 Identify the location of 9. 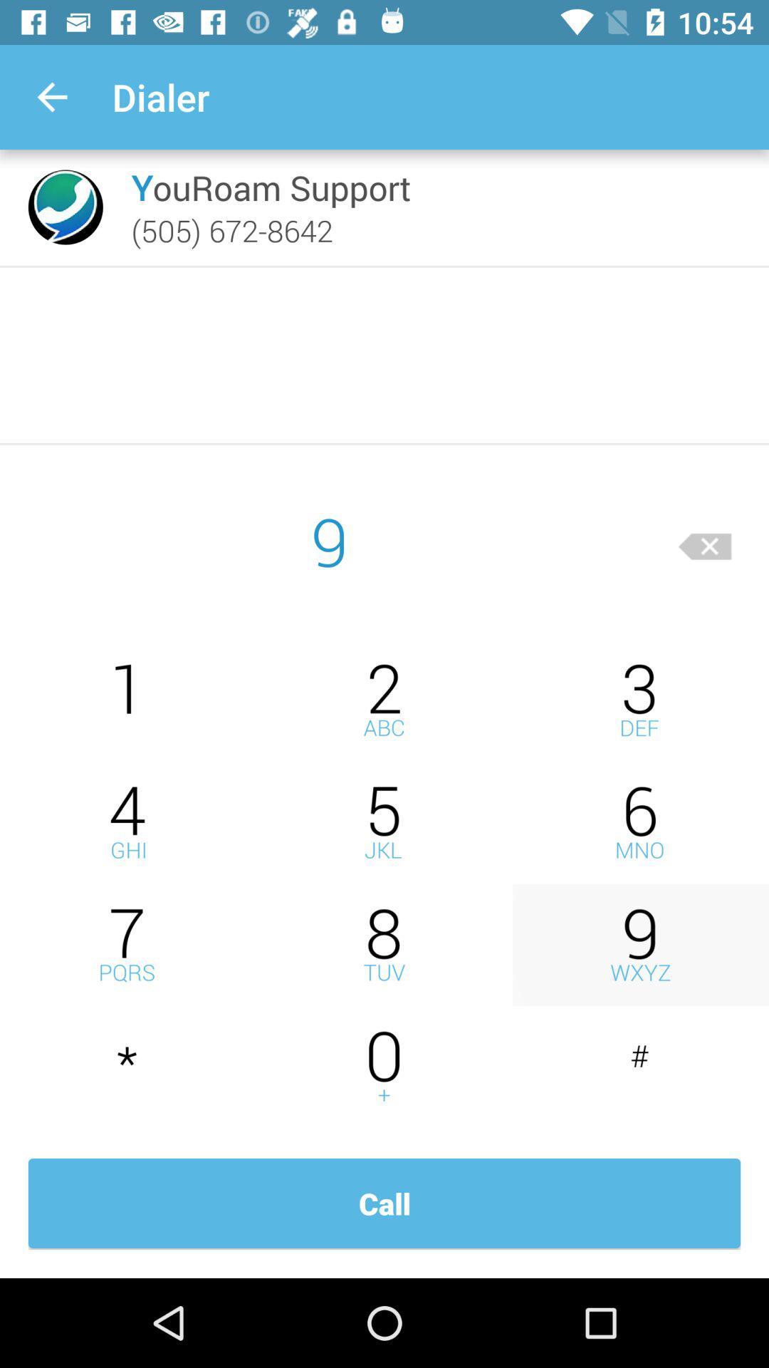
(639, 945).